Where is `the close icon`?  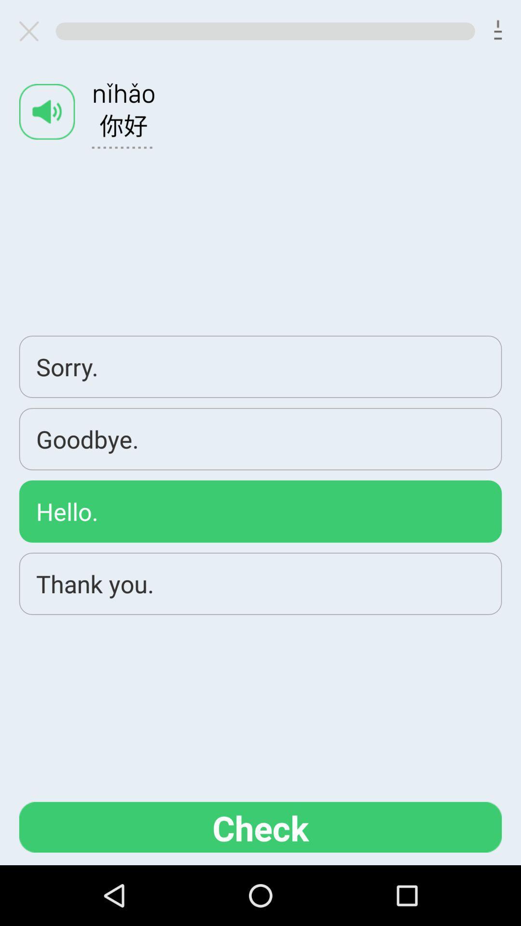
the close icon is located at coordinates (32, 33).